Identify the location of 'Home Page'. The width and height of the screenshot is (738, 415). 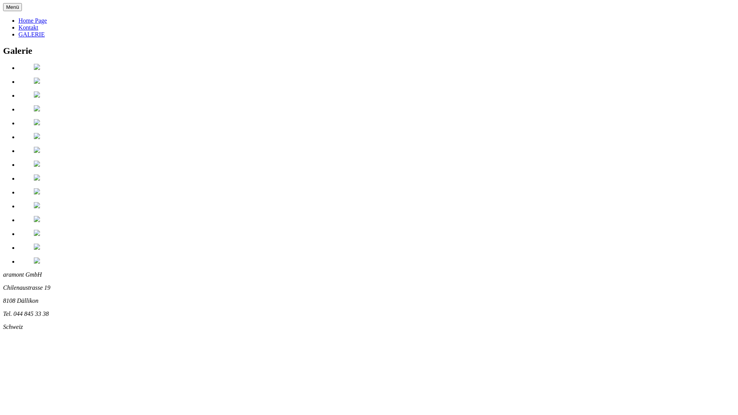
(18, 20).